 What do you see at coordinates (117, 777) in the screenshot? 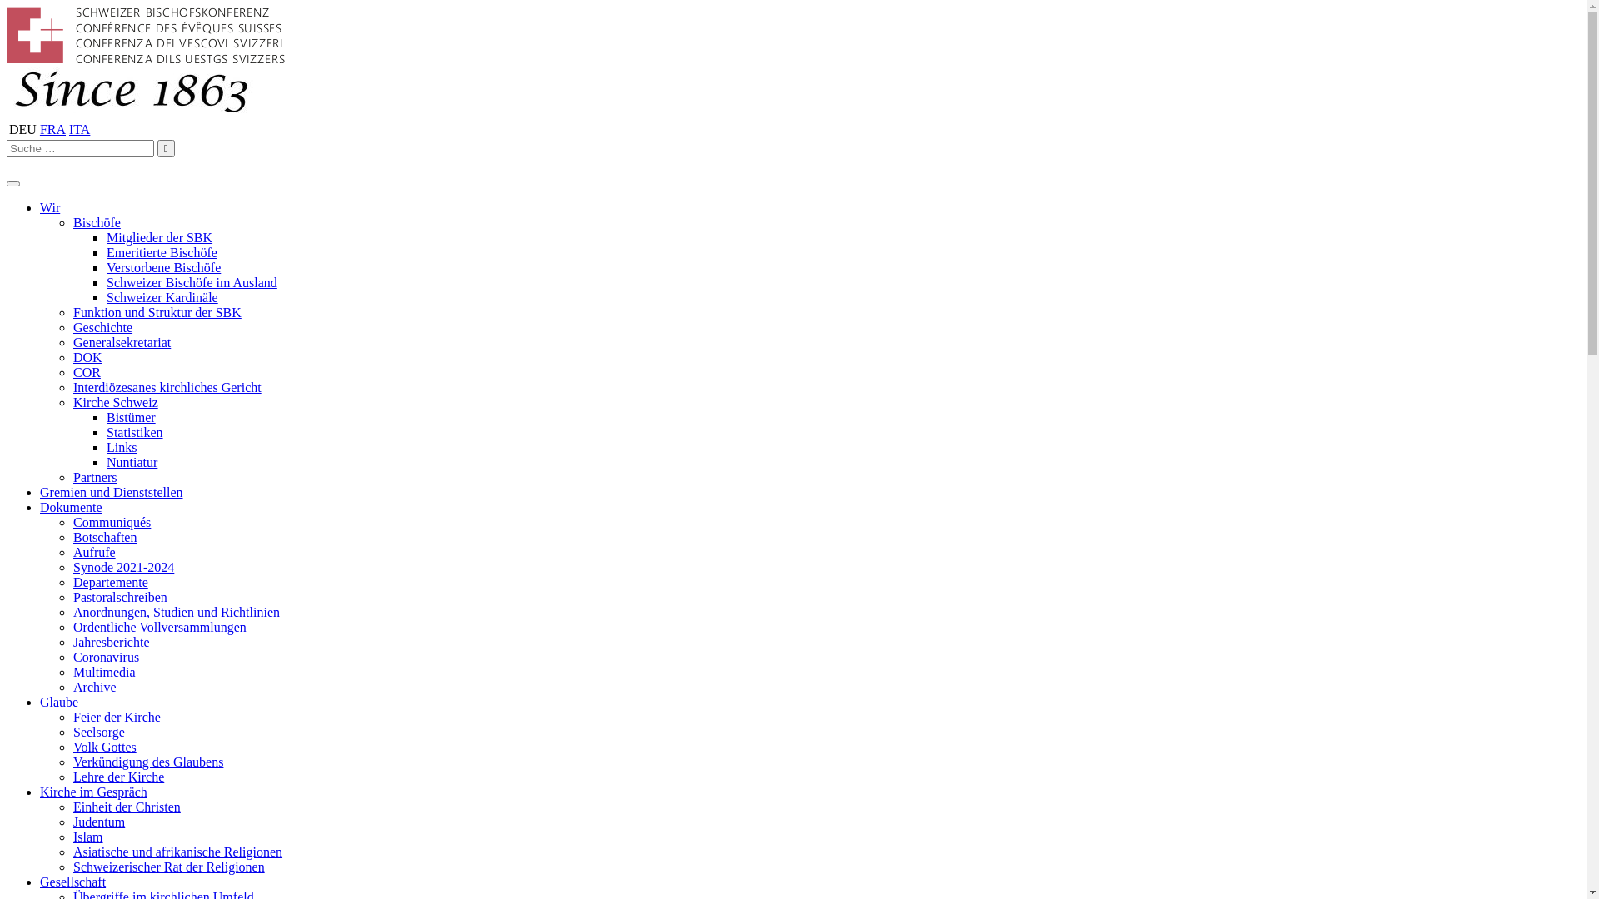
I see `'Lehre der Kirche'` at bounding box center [117, 777].